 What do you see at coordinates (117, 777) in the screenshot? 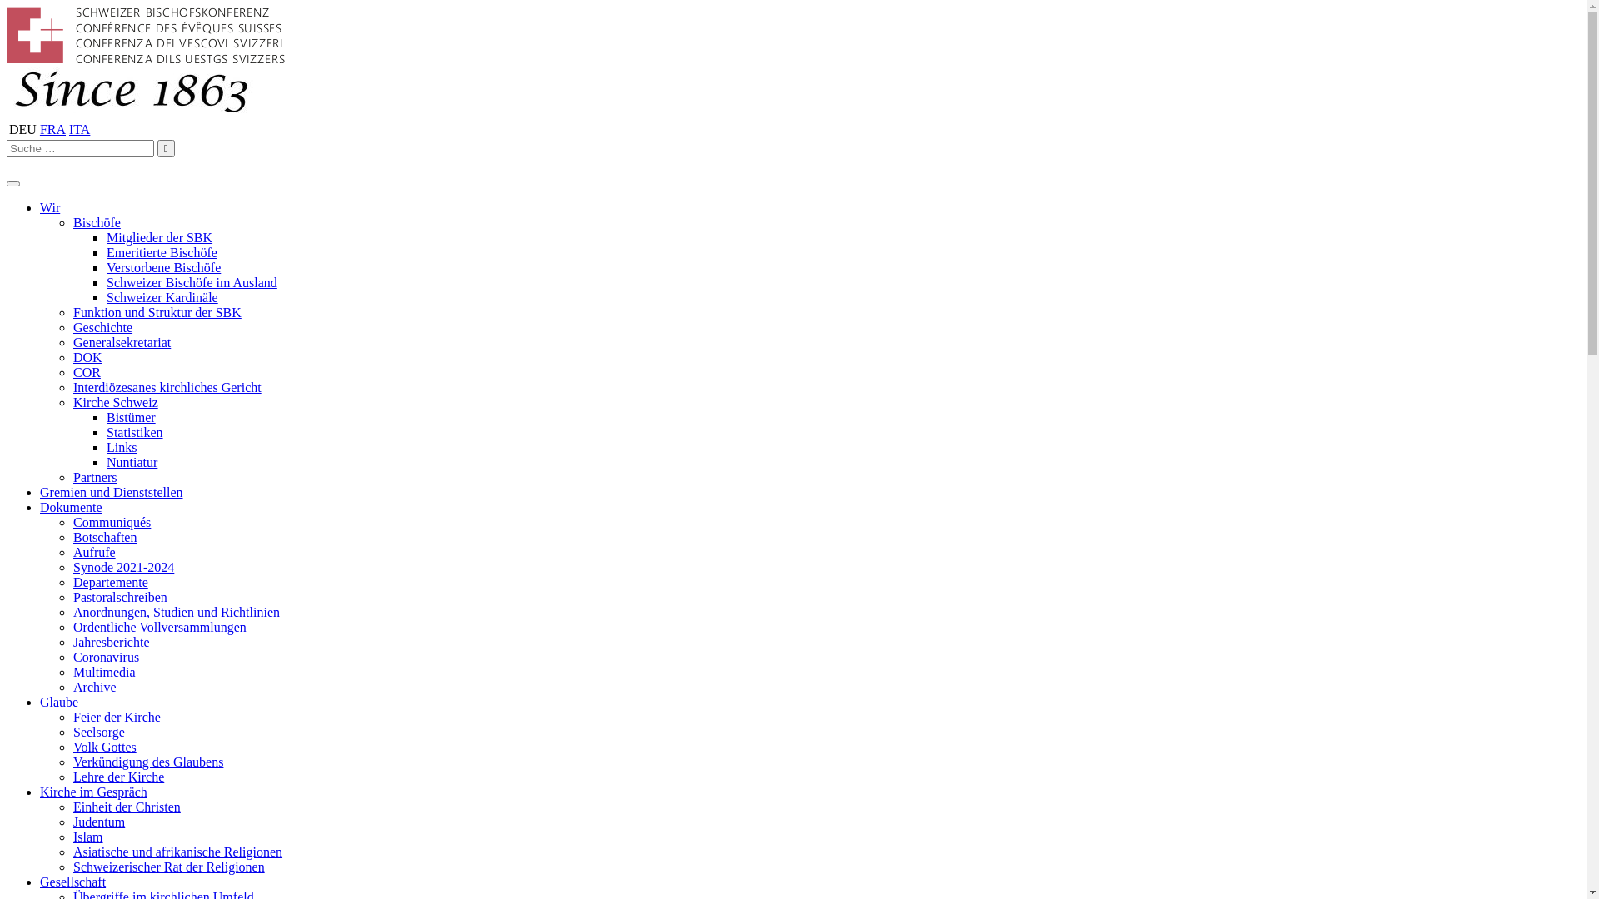
I see `'Lehre der Kirche'` at bounding box center [117, 777].